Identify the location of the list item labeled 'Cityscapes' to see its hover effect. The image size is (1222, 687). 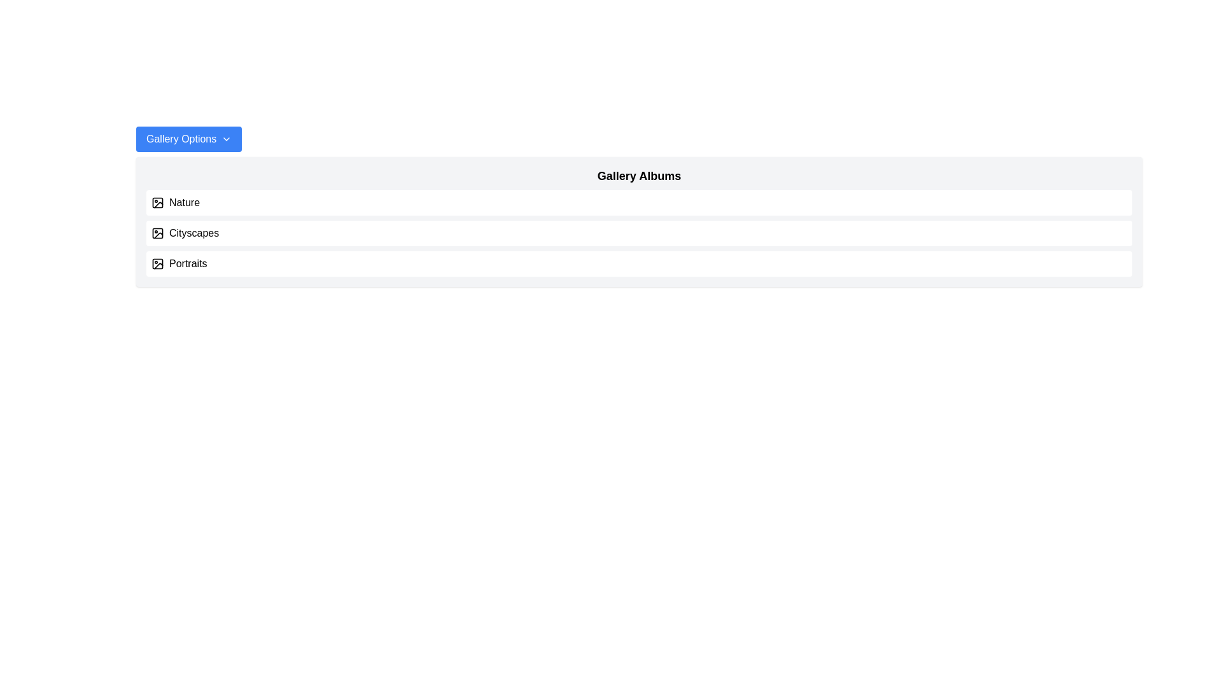
(639, 233).